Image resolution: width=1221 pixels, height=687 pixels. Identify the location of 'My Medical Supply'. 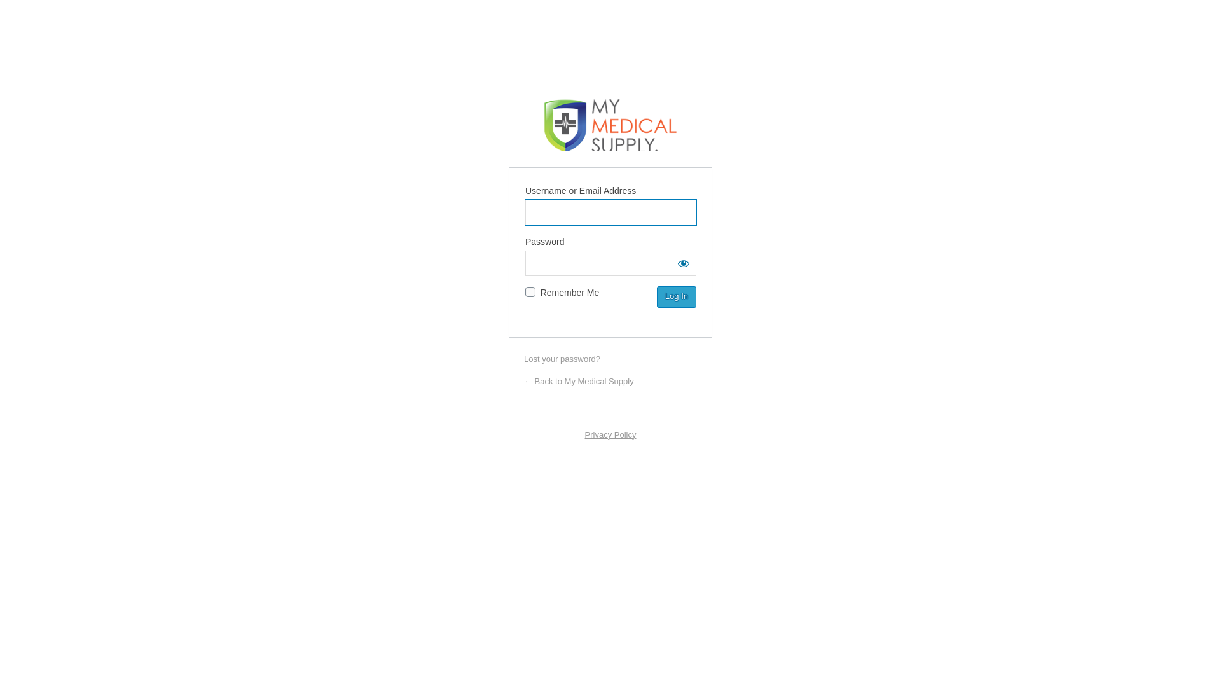
(610, 125).